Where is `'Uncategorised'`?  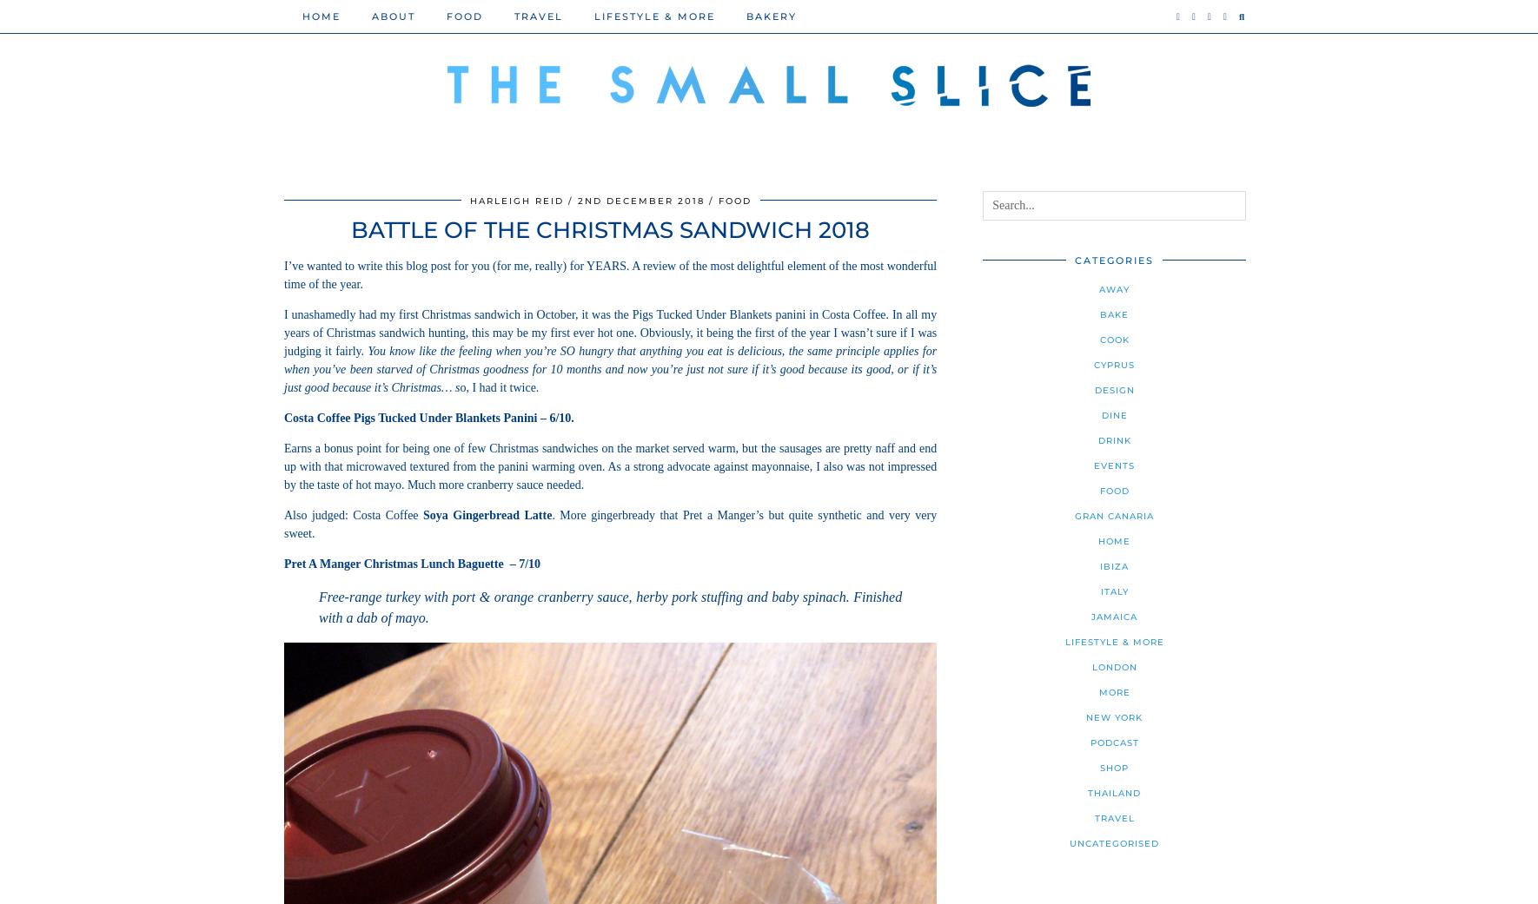 'Uncategorised' is located at coordinates (1113, 843).